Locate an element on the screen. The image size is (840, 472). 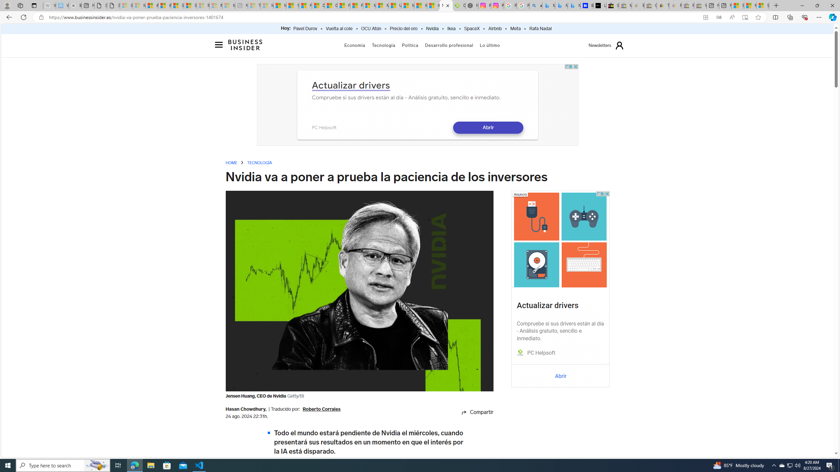
'PC Helpsoft' is located at coordinates (540, 353).